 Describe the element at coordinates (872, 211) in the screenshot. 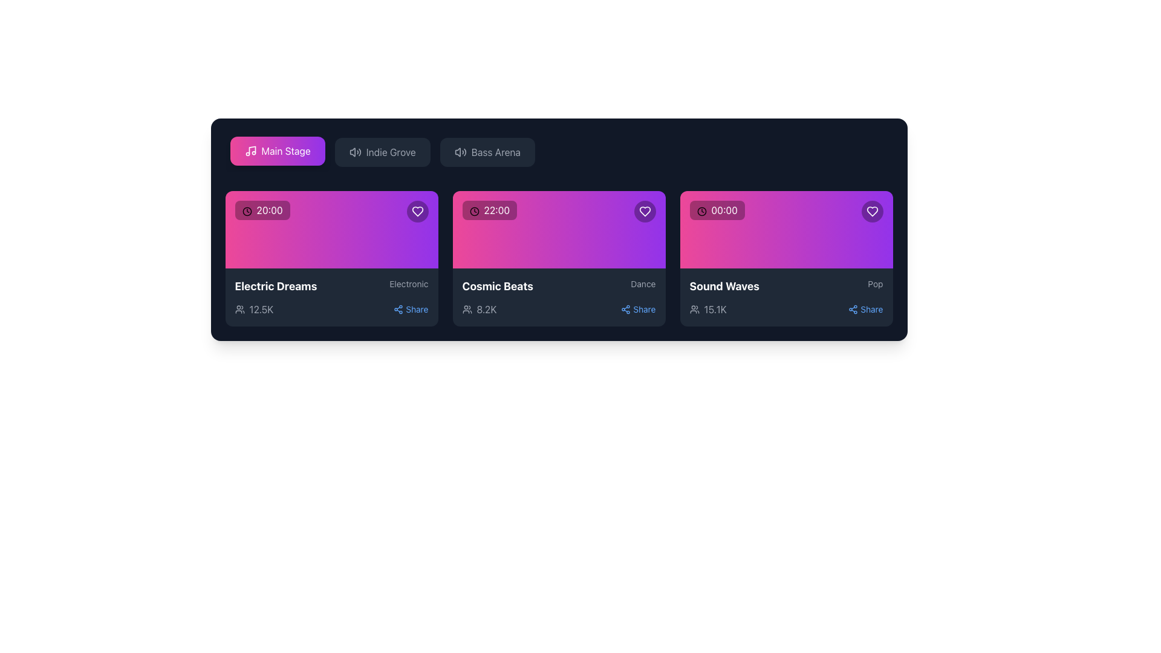

I see `the heart-shaped vector graphic icon outlined in white located at the top-right corner of the card titled 'Sound Waves' to mark the item as favorite` at that location.